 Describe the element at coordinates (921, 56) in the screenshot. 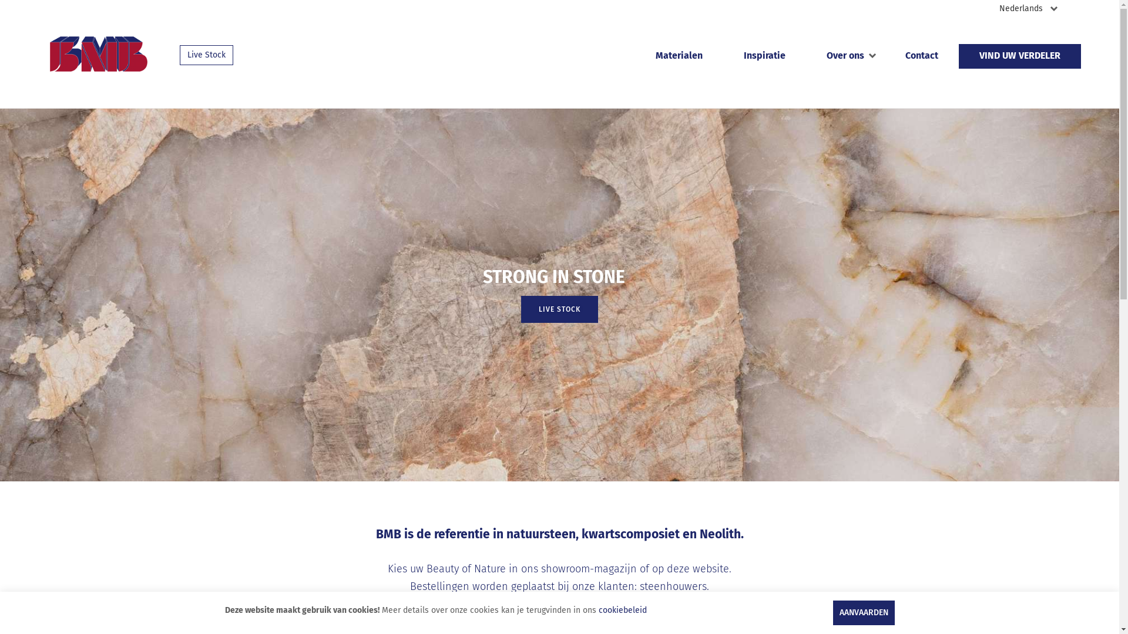

I see `'Contact'` at that location.